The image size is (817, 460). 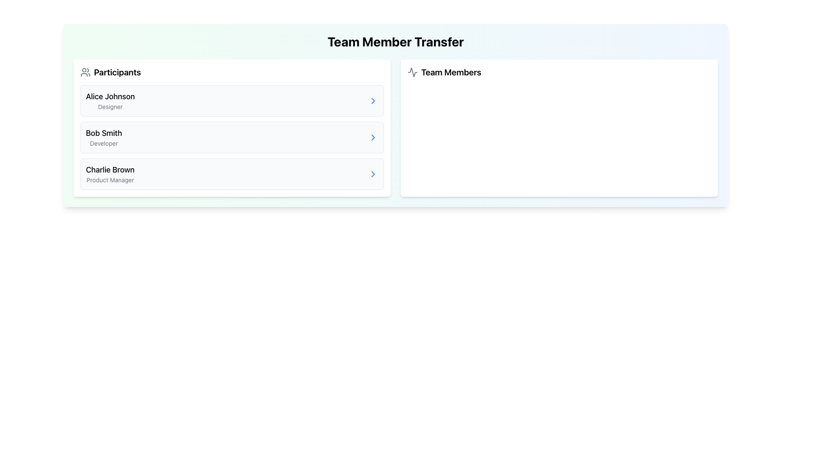 I want to click on the text block displaying 'Bob Smith' and 'Developer', so click(x=103, y=137).